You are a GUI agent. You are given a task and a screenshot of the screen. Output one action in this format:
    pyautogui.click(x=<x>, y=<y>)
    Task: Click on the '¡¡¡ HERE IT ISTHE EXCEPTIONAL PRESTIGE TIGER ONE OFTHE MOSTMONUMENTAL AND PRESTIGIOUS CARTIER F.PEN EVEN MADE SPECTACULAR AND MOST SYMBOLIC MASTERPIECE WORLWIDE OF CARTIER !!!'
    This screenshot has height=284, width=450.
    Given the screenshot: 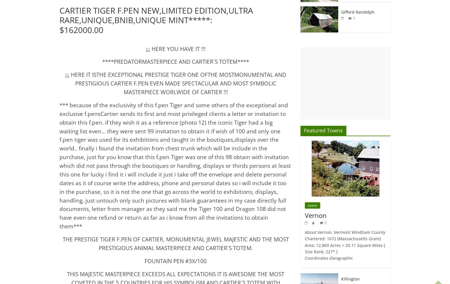 What is the action you would take?
    pyautogui.click(x=175, y=83)
    